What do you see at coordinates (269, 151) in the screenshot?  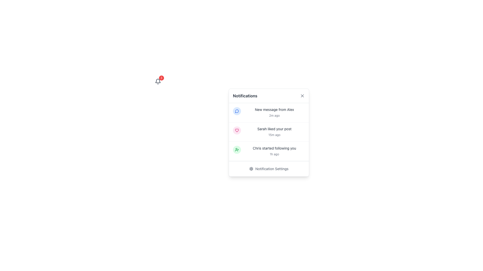 I see `the notification item indicating that user Chris followed the account holder, which is the third item in the vertical notification list` at bounding box center [269, 151].